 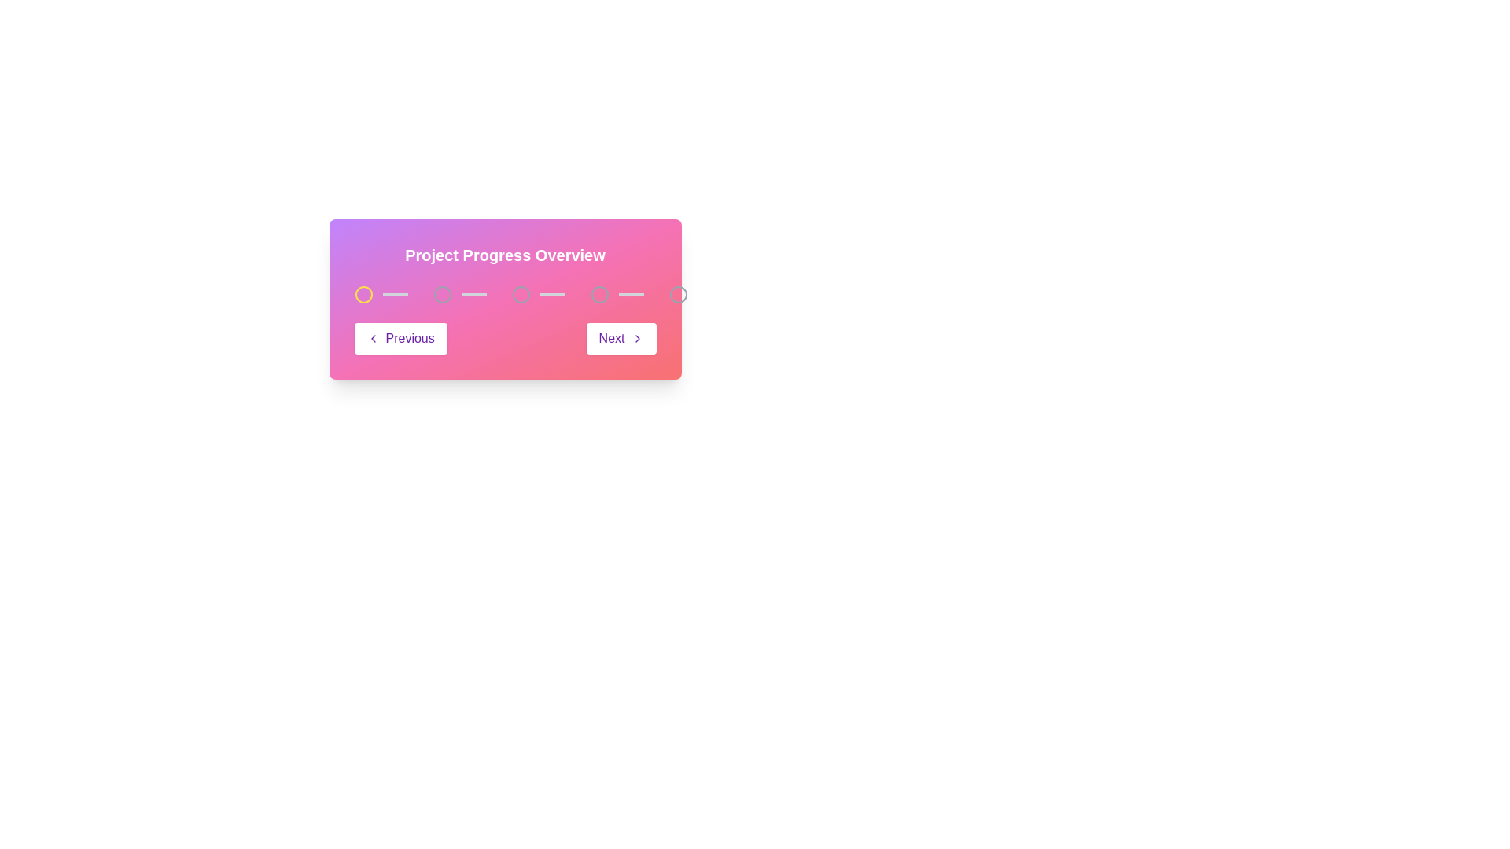 I want to click on the fourth circular marker in the progress indicator, which visually represents the fourth step in a multi-step process, so click(x=598, y=294).